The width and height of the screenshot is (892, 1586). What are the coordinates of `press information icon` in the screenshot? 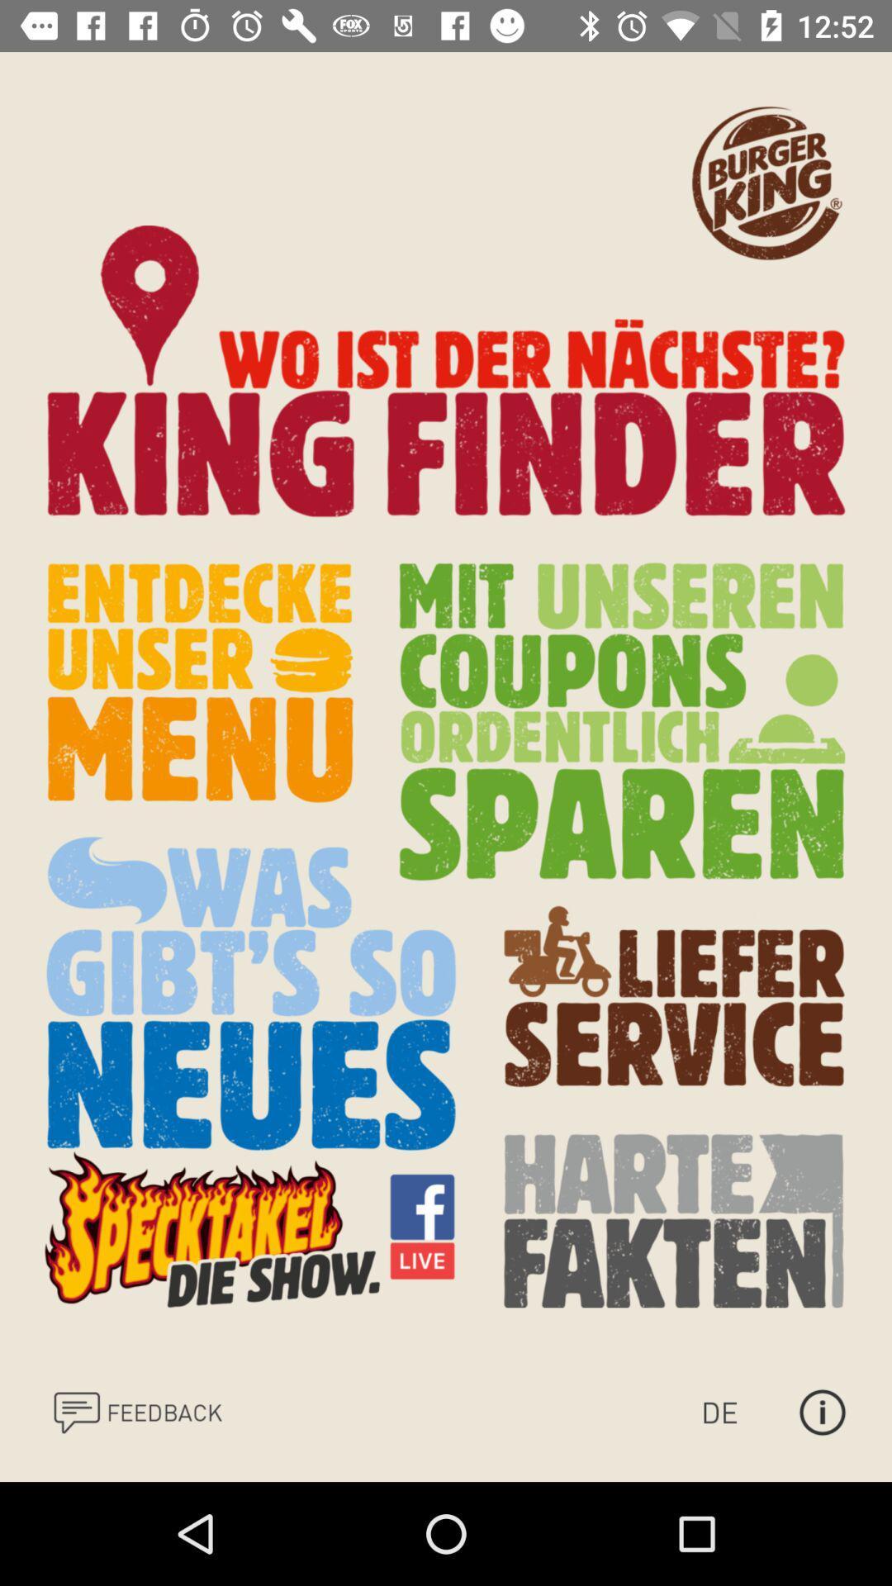 It's located at (822, 1411).